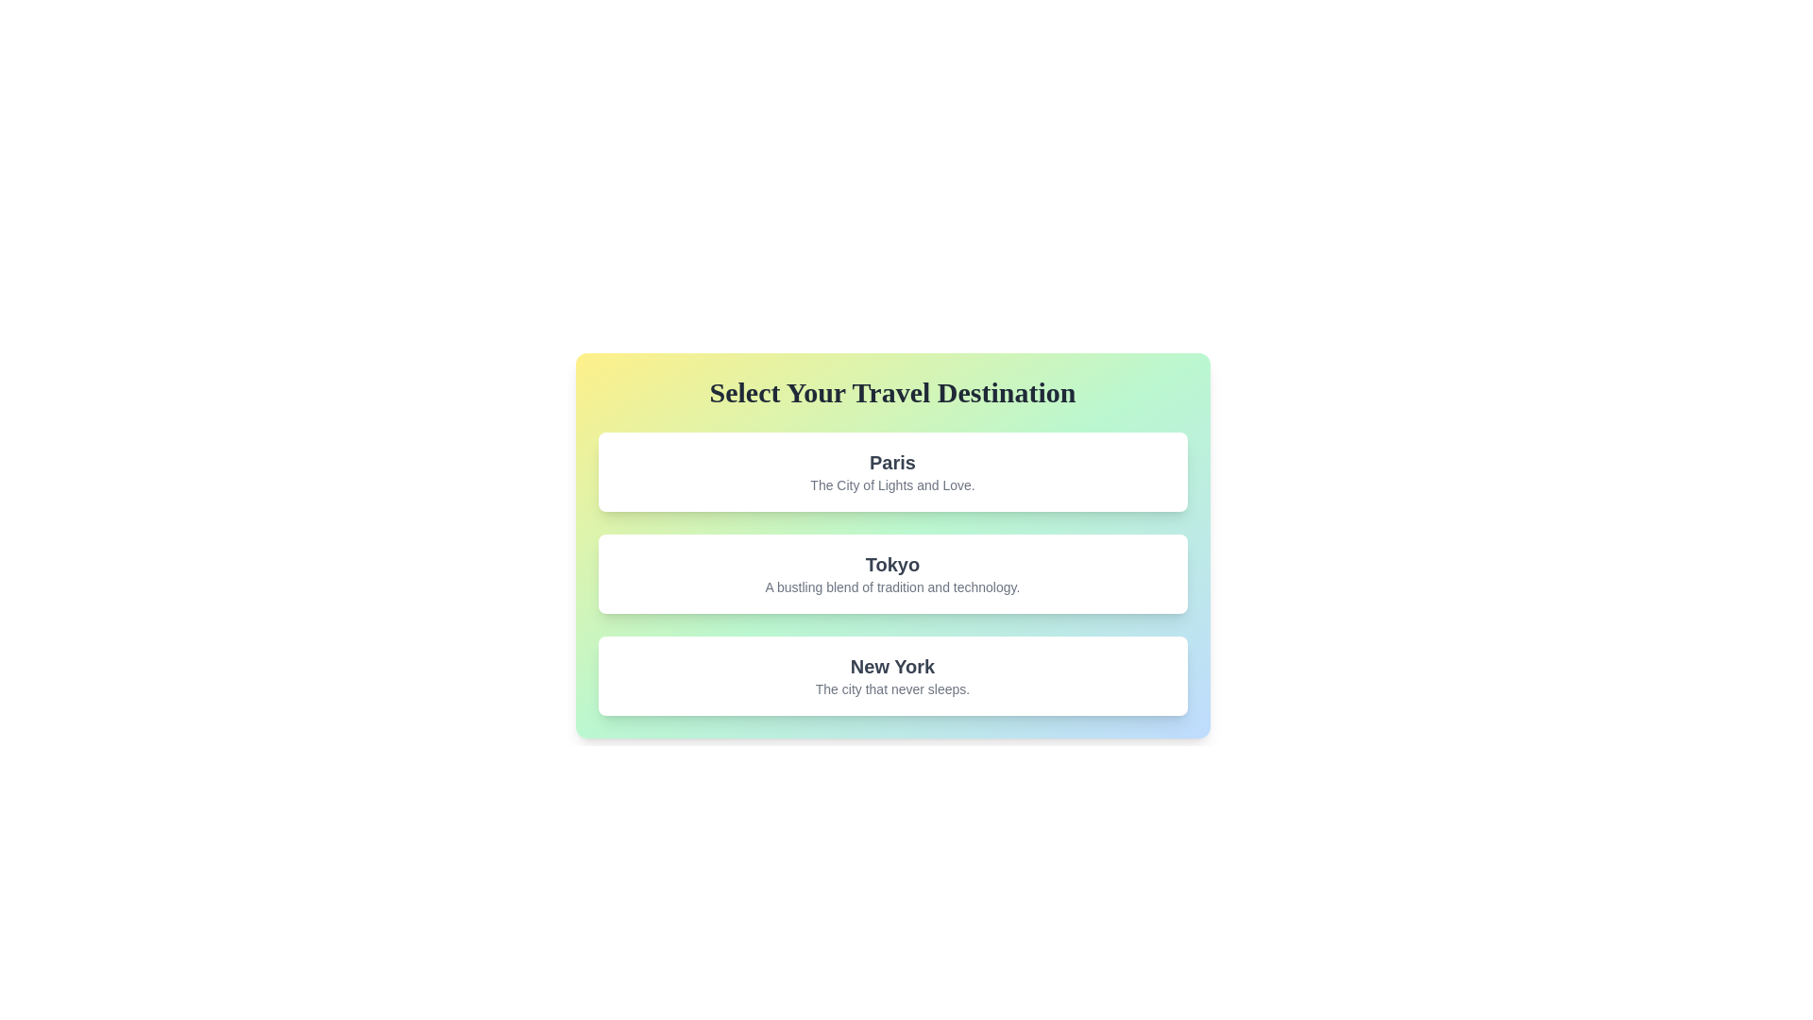 The image size is (1813, 1020). I want to click on the text label that provides additional context for the main title 'Paris', which is centered below the bold title in the travel destinations list, so click(891, 484).